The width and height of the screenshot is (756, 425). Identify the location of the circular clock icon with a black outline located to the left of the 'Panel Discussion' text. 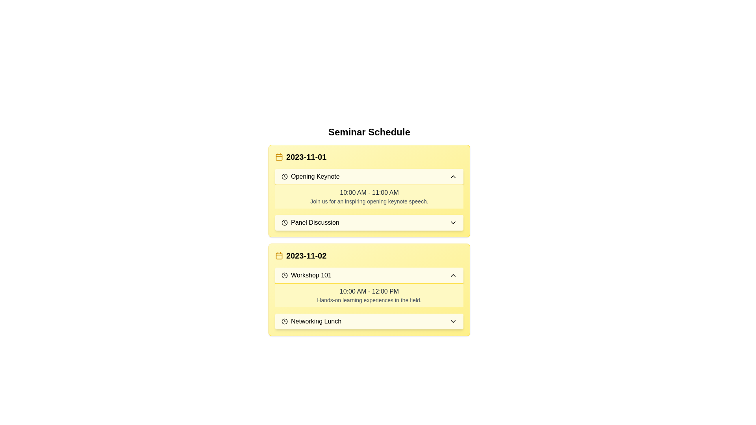
(284, 223).